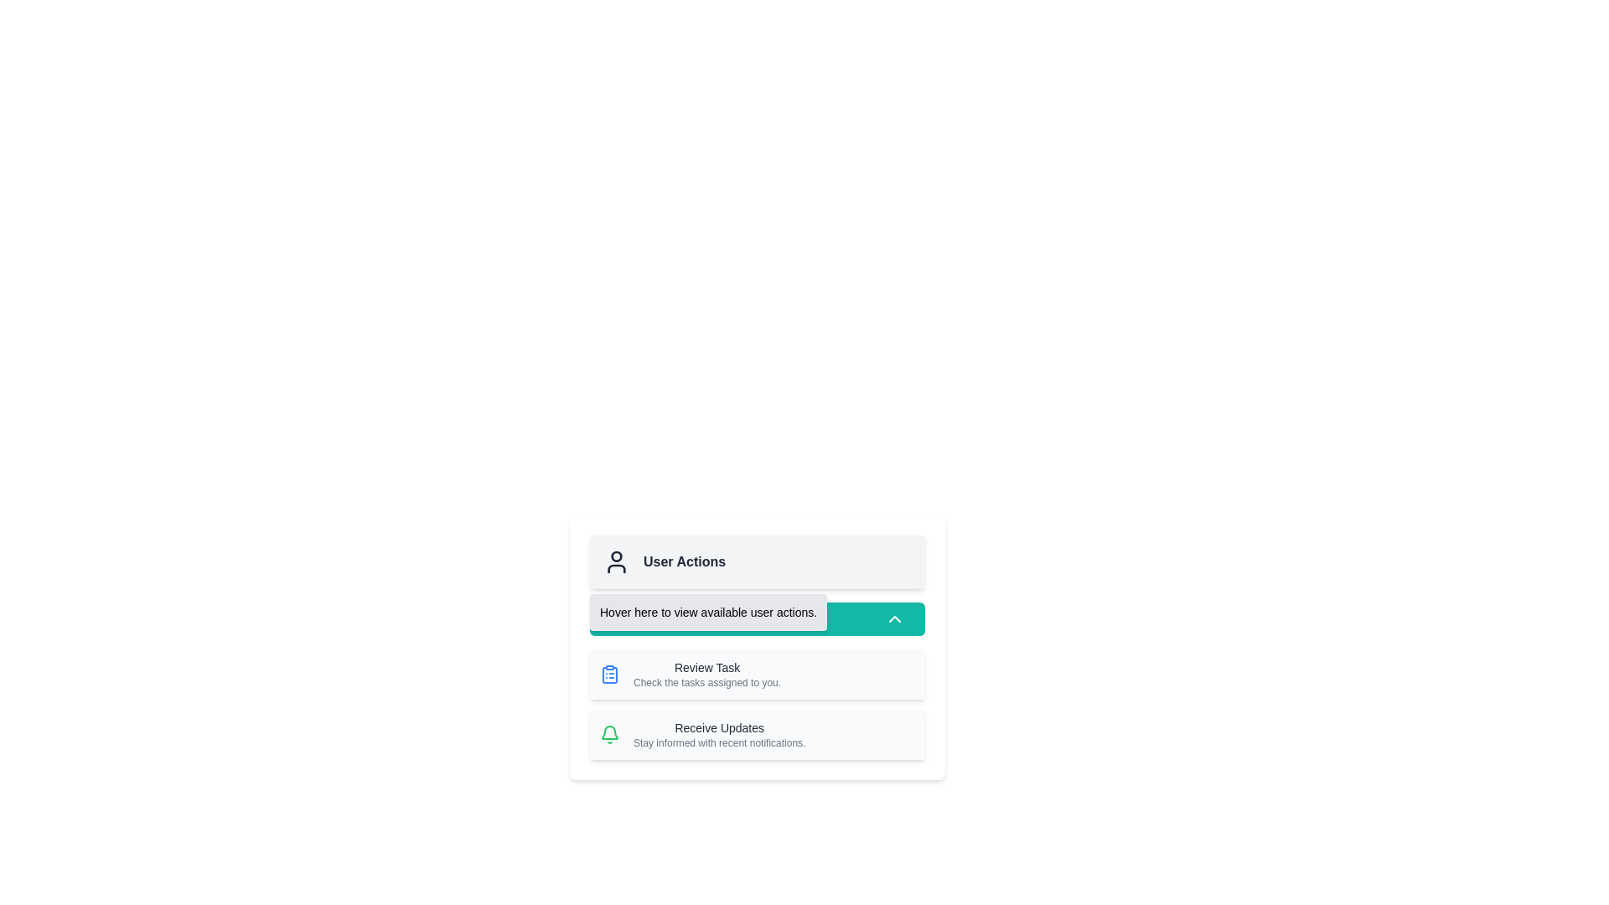 Image resolution: width=1609 pixels, height=905 pixels. What do you see at coordinates (719, 727) in the screenshot?
I see `the 'Receive Updates' text label located in the bottom section of the 'User Actions' menu` at bounding box center [719, 727].